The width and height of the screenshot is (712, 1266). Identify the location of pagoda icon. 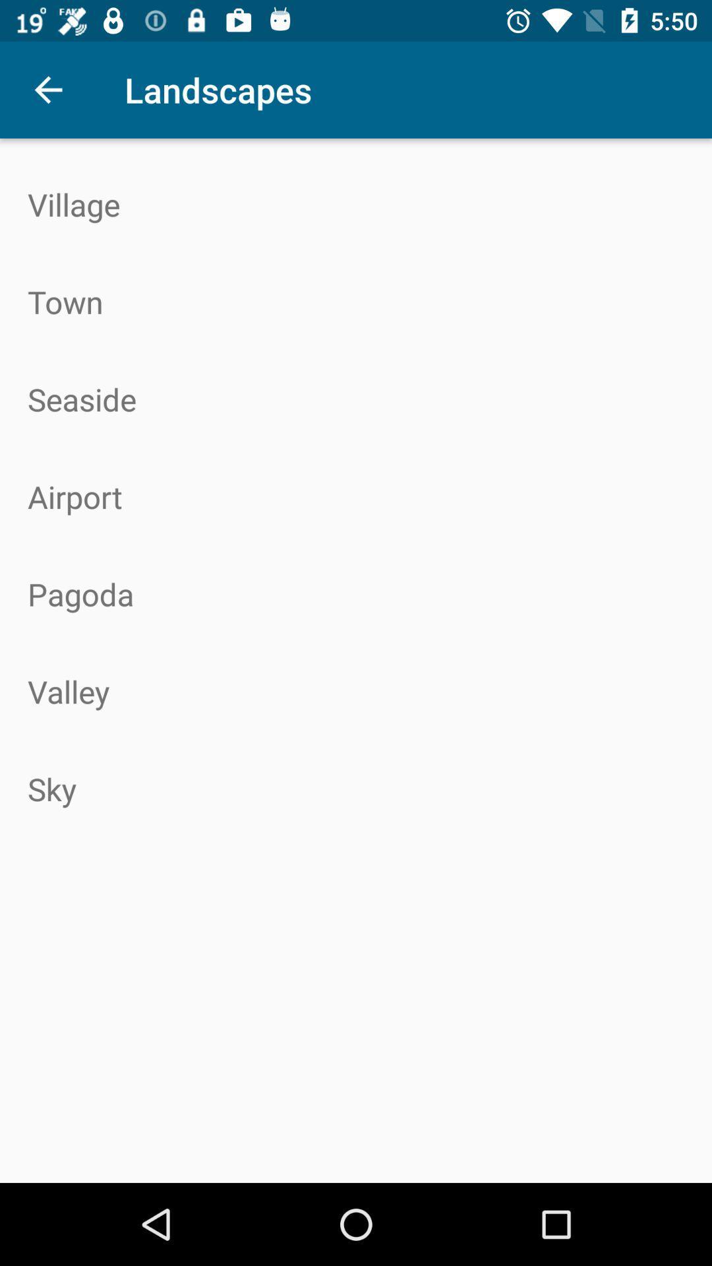
(356, 593).